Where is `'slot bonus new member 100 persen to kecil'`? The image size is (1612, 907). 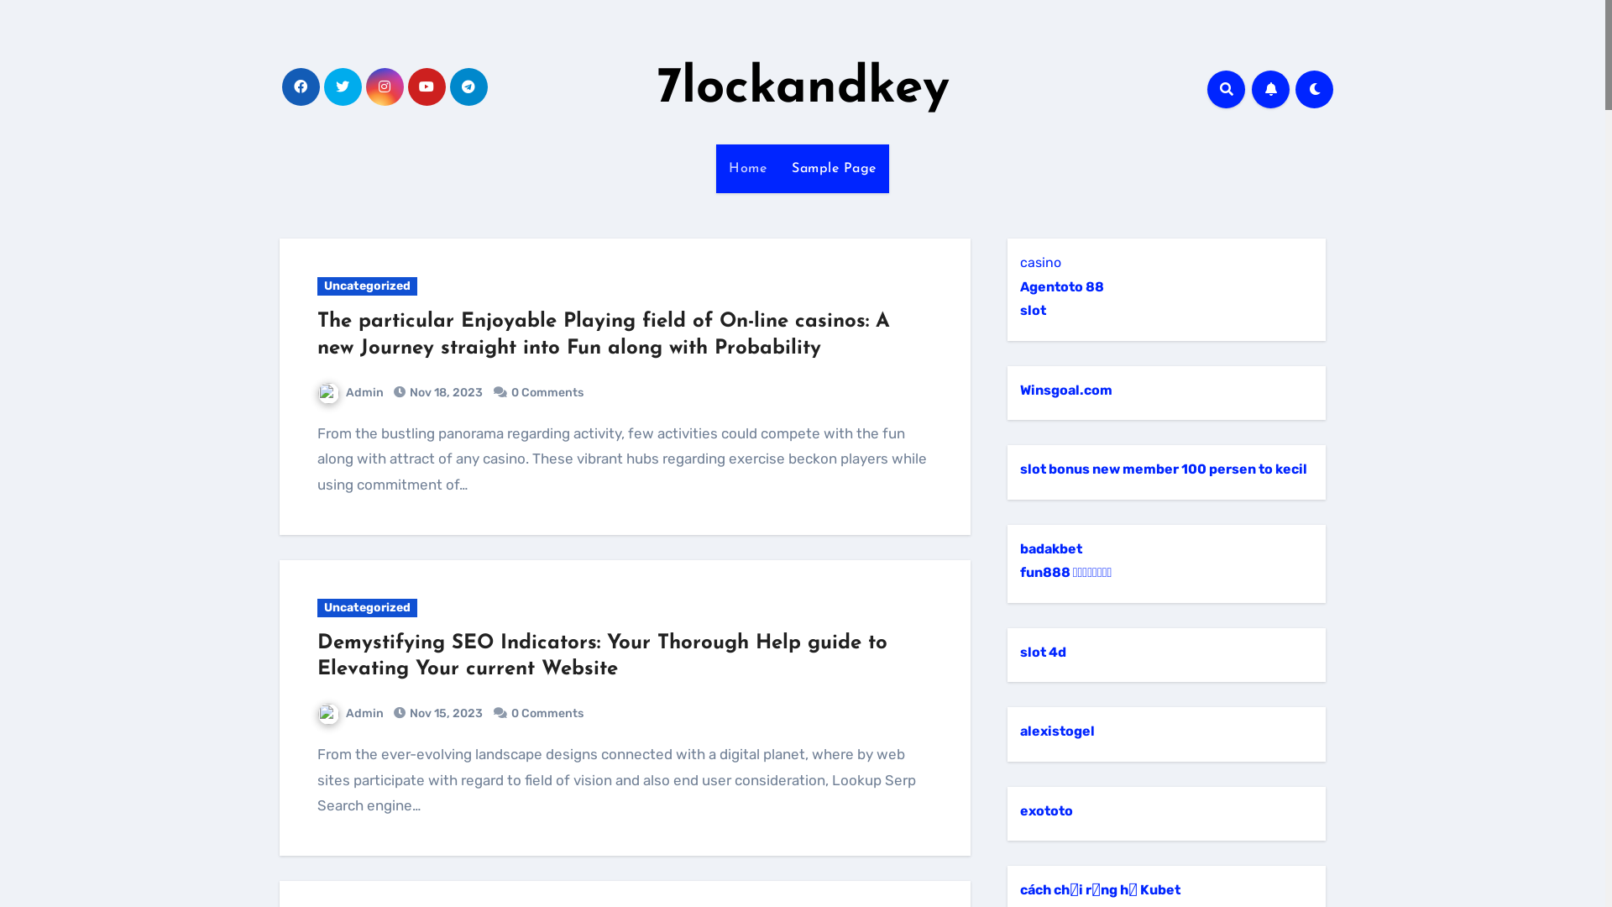 'slot bonus new member 100 persen to kecil' is located at coordinates (1163, 469).